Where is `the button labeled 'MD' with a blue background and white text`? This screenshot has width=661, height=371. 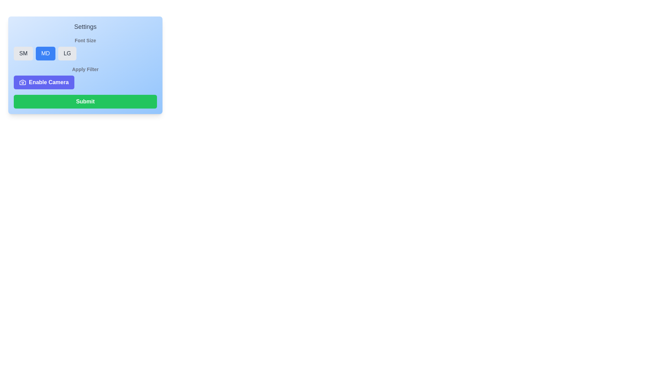 the button labeled 'MD' with a blue background and white text is located at coordinates (45, 53).